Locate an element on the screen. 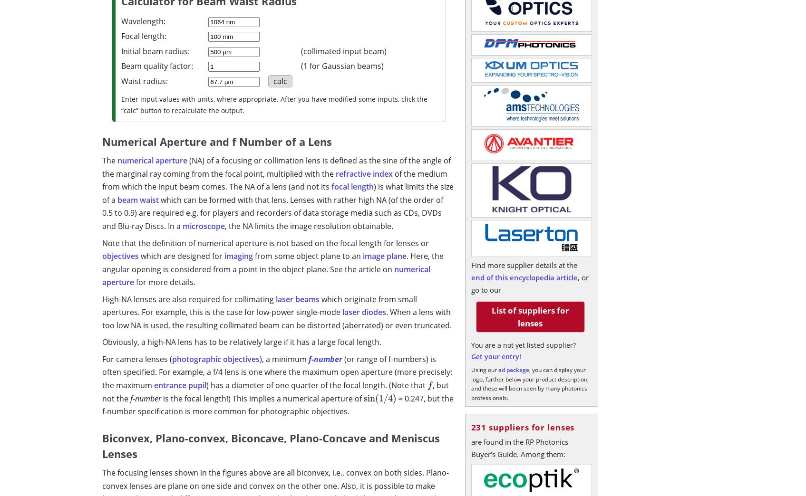  'for more details.' is located at coordinates (164, 282).